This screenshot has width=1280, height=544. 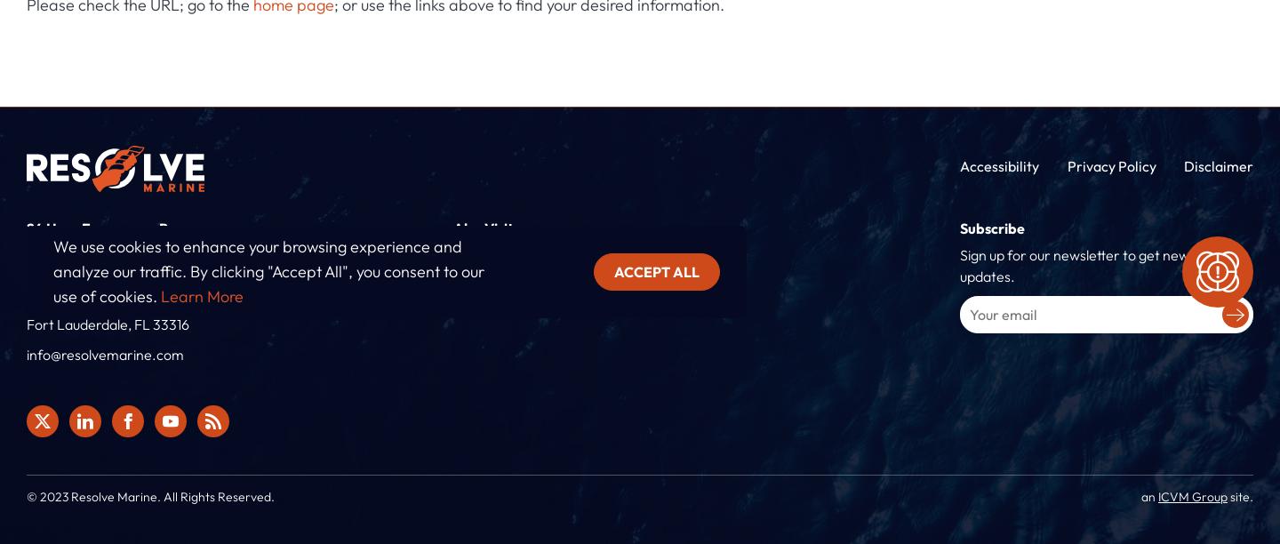 I want to click on 'We use cookies to enhance your browsing experience and analyze our traffic. By clicking "Accept All", you consent to our use of cookies.', so click(x=268, y=270).